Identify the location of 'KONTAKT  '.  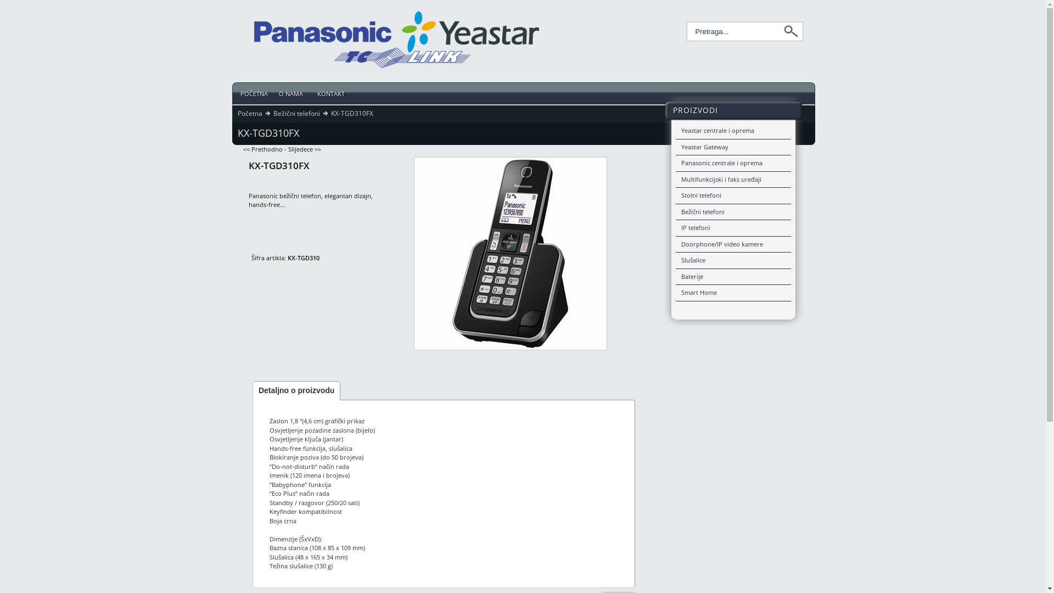
(332, 93).